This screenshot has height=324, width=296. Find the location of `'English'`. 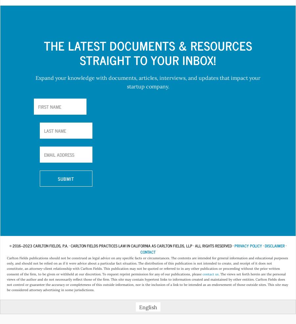

'English' is located at coordinates (148, 307).